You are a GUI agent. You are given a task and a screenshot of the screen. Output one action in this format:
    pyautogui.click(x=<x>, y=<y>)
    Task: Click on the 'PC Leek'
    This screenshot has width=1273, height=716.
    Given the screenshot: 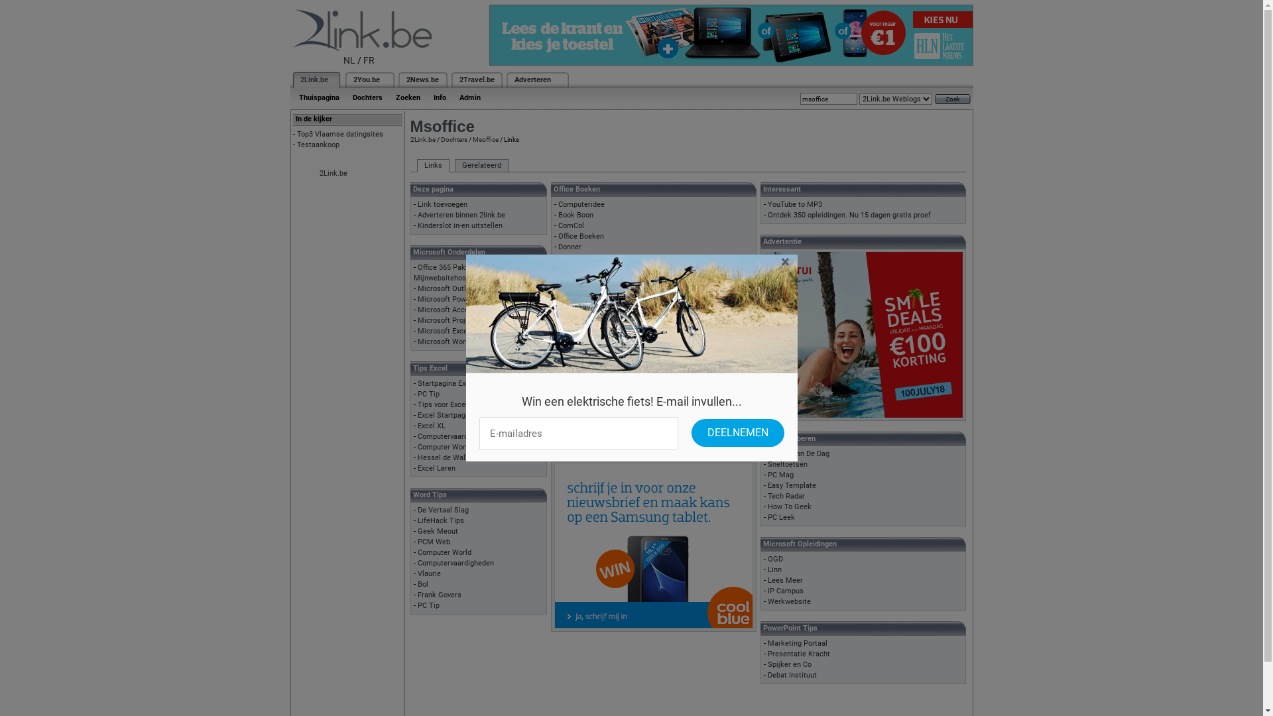 What is the action you would take?
    pyautogui.click(x=767, y=516)
    